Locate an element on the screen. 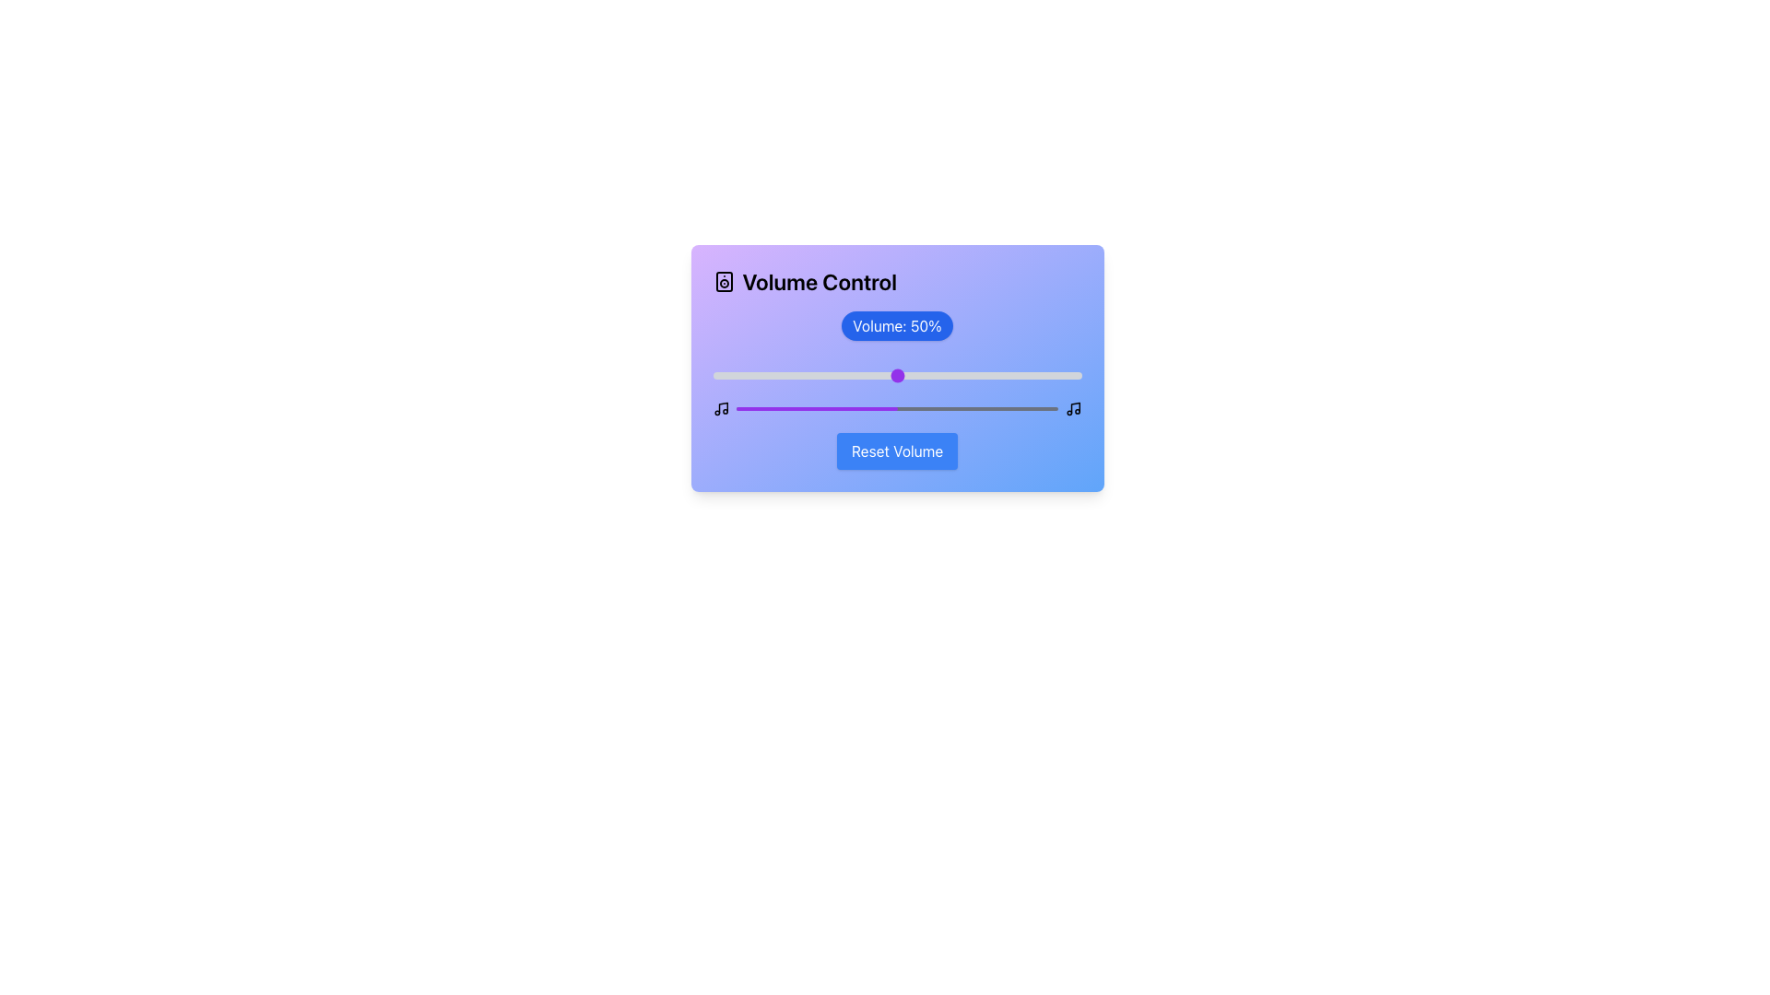  the SVG Rectangle with rounded corners that is part of the speaker-style icon next to the 'Volume Control' title is located at coordinates (723, 281).